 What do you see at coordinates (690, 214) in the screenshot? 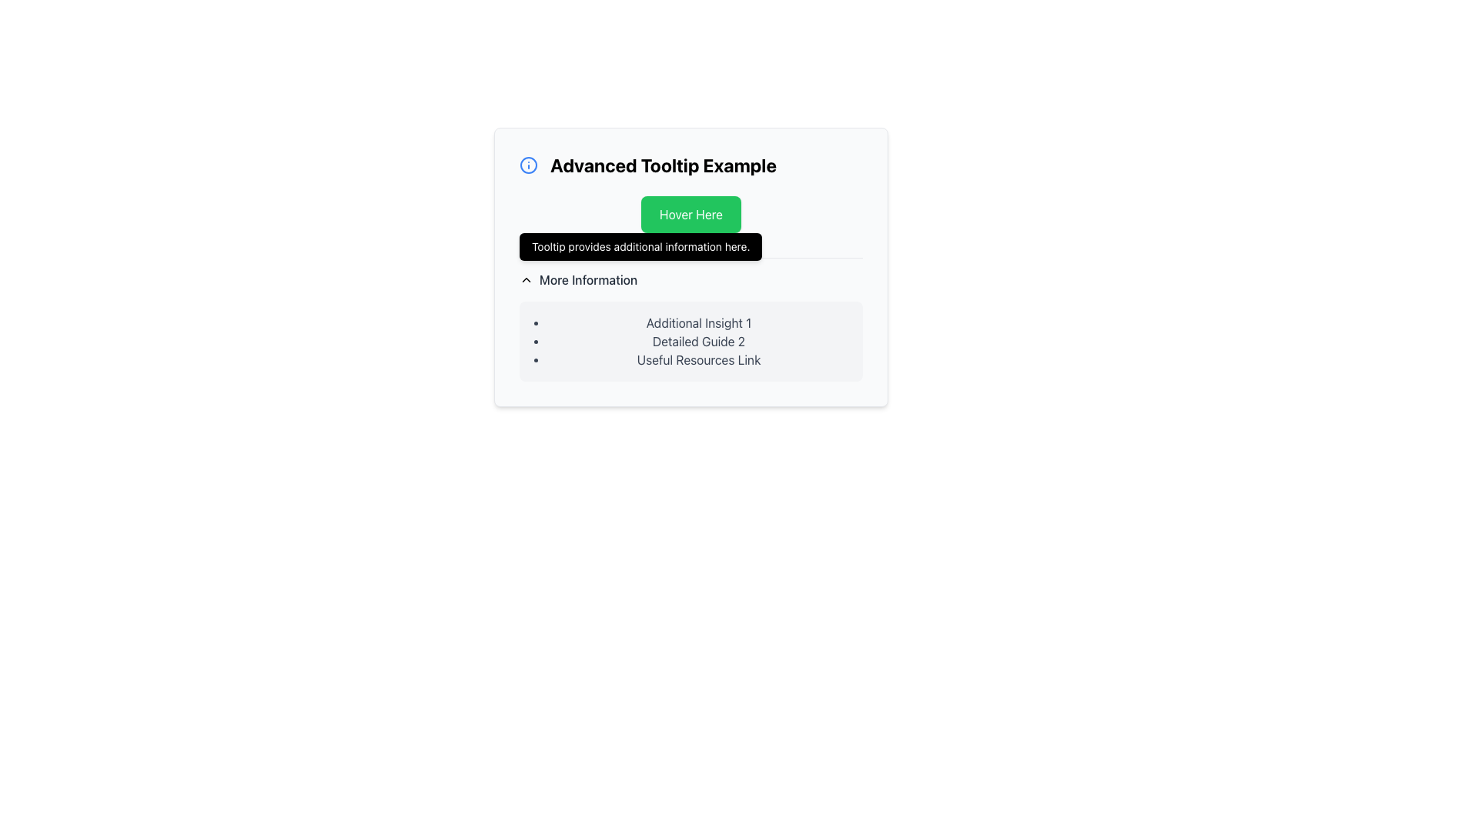
I see `the green button labeled 'Hover Here', which is located below the heading 'Advanced Tooltip Example'` at bounding box center [690, 214].